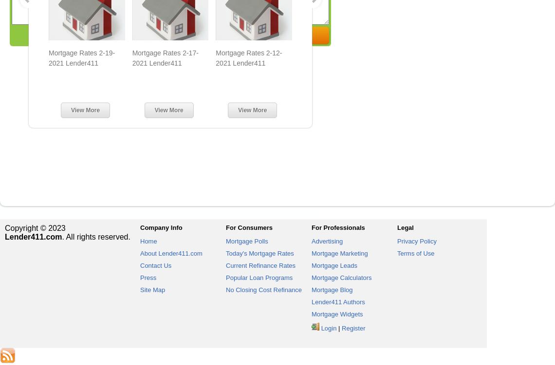 This screenshot has width=555, height=365. I want to click on 'Popular Loan Programs', so click(225, 277).